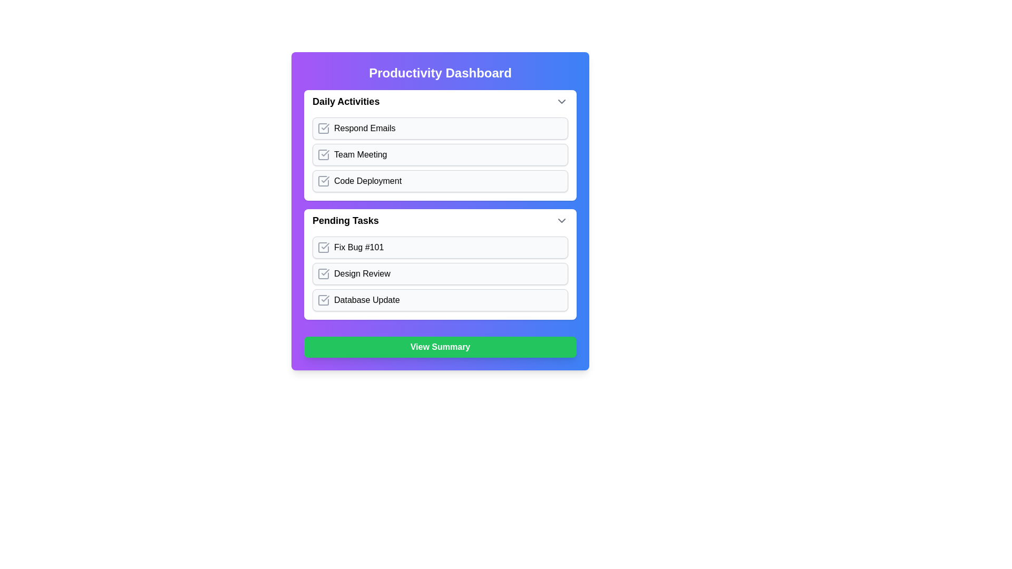 This screenshot has width=1012, height=569. What do you see at coordinates (323, 273) in the screenshot?
I see `the Checkbox icon located to the left of the text 'Design Review' in the 'Pending Tasks' section` at bounding box center [323, 273].